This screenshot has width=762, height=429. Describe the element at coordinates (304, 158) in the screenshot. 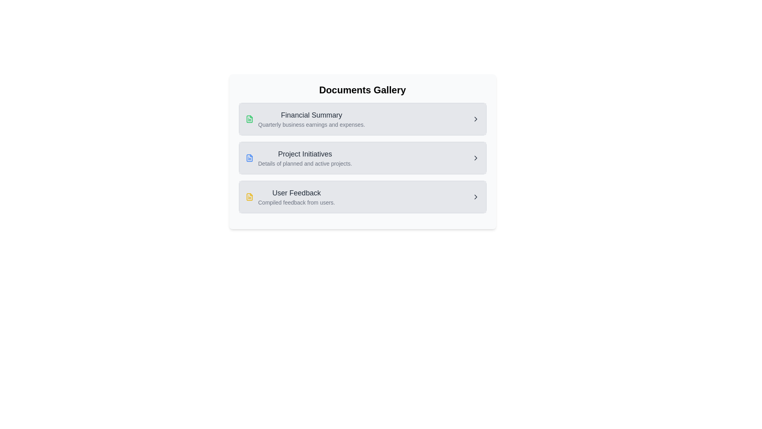

I see `text content of the Text block labeled 'Project Initiatives', which includes the lines 'Project Initiatives' and 'Details of planned and active projects.'` at that location.